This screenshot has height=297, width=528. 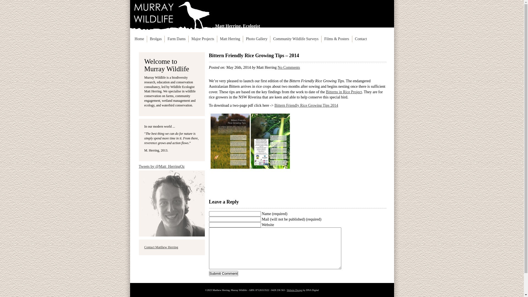 What do you see at coordinates (361, 39) in the screenshot?
I see `'Contact'` at bounding box center [361, 39].